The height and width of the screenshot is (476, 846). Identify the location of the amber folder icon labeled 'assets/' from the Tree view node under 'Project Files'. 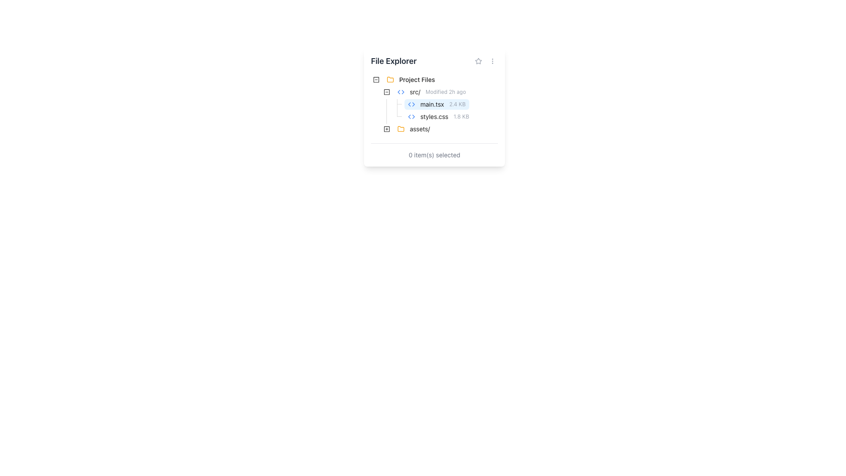
(413, 129).